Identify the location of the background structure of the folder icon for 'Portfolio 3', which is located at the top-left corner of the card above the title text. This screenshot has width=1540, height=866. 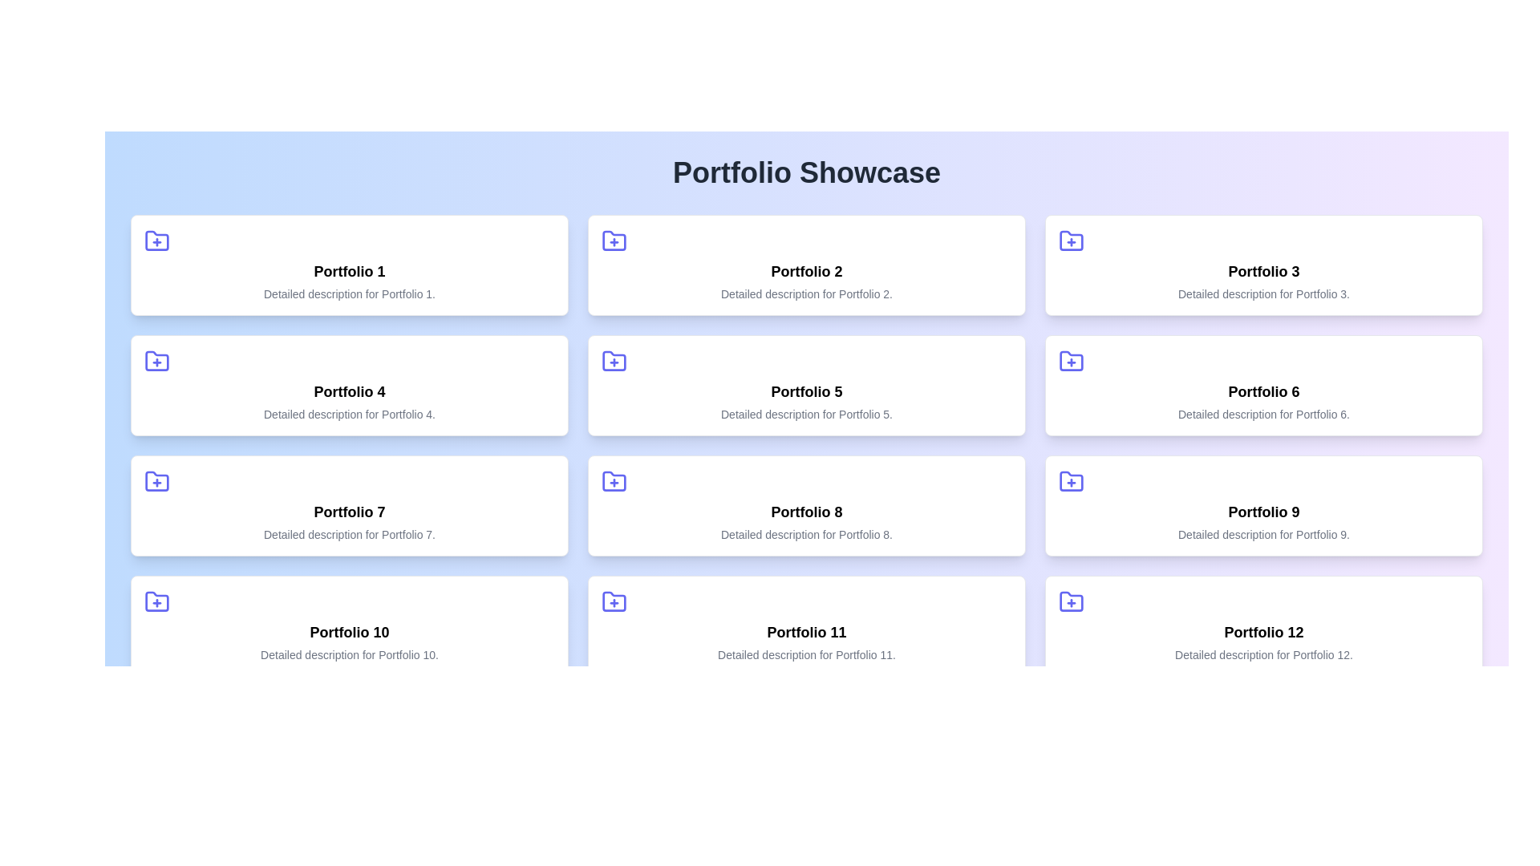
(1071, 241).